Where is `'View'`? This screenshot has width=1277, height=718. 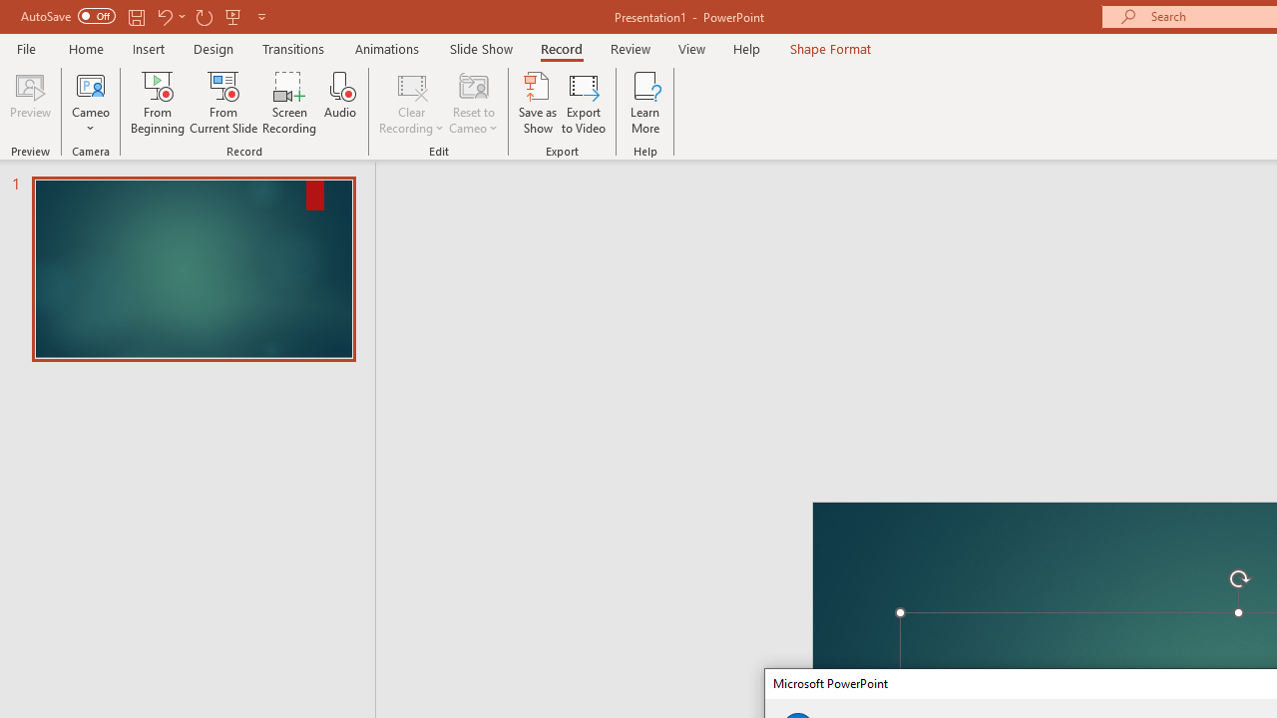
'View' is located at coordinates (691, 48).